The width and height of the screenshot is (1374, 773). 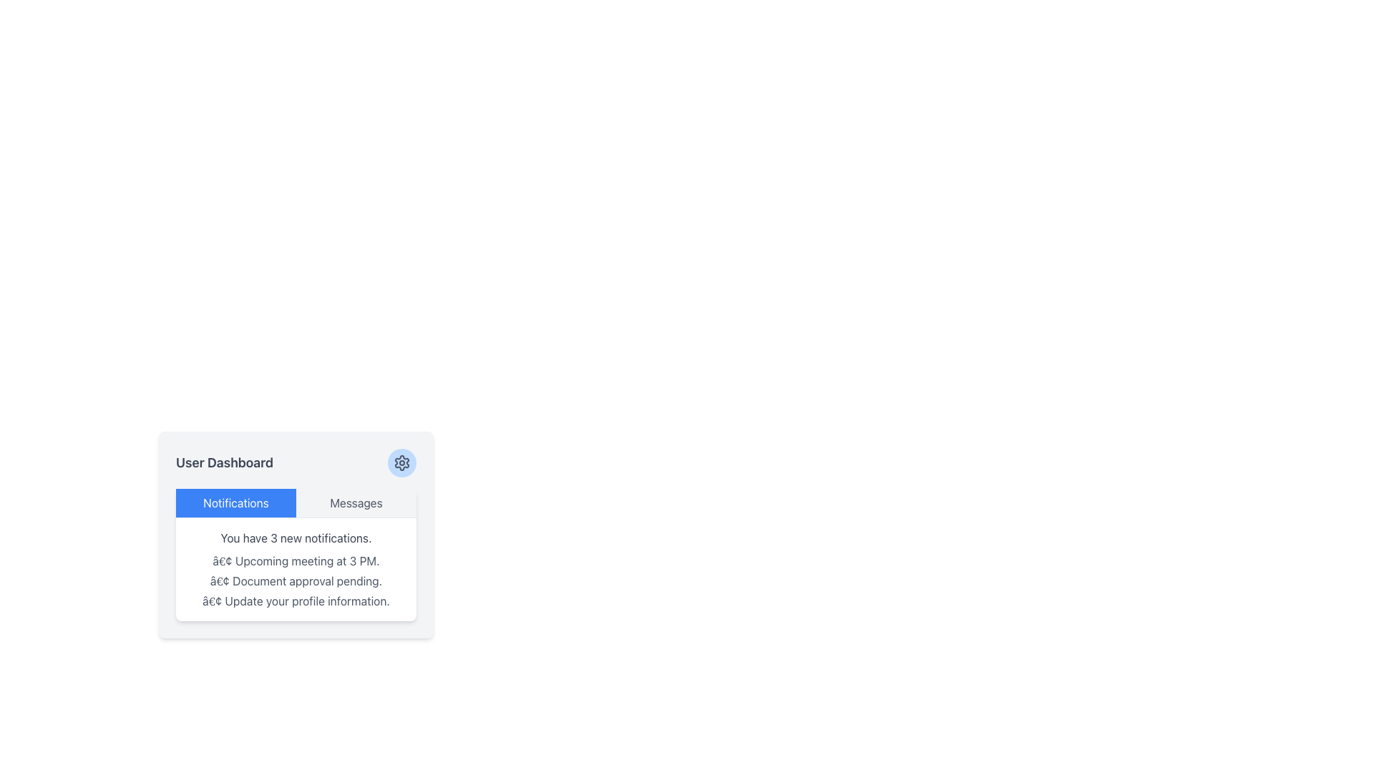 I want to click on the 'Notifications' tab button located, so click(x=236, y=502).